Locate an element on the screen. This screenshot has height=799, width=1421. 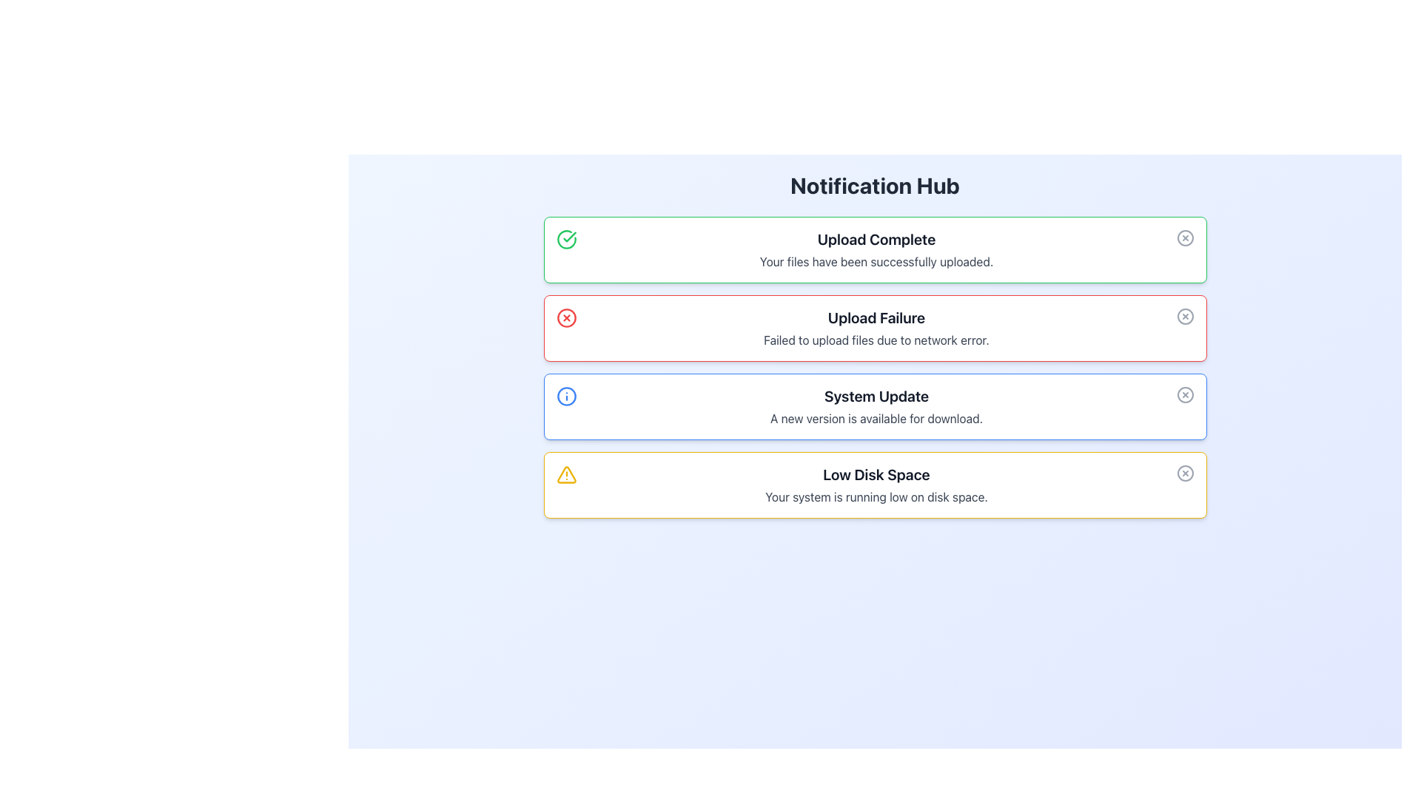
the additional information text in the 'System Update' notification, located in the lower section of the blue-bordered area is located at coordinates (876, 419).